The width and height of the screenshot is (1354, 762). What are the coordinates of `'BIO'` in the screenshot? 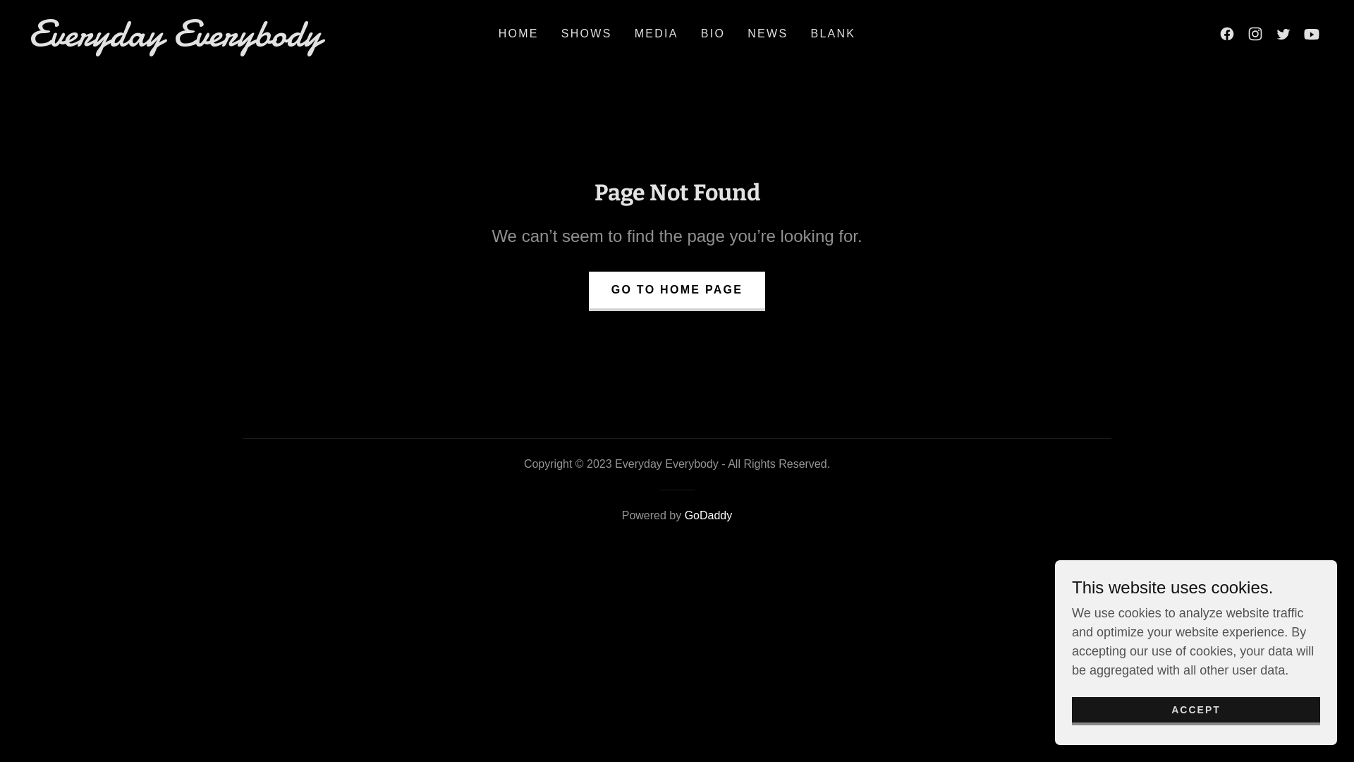 It's located at (697, 32).